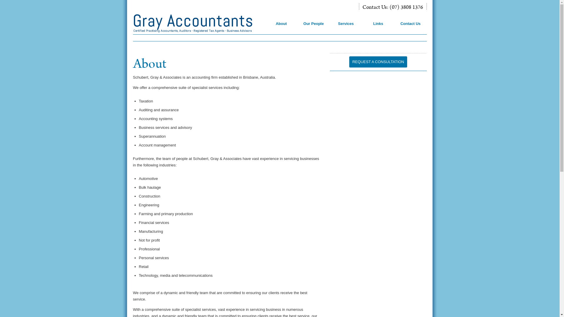 This screenshot has width=564, height=317. I want to click on 'Our People', so click(314, 28).